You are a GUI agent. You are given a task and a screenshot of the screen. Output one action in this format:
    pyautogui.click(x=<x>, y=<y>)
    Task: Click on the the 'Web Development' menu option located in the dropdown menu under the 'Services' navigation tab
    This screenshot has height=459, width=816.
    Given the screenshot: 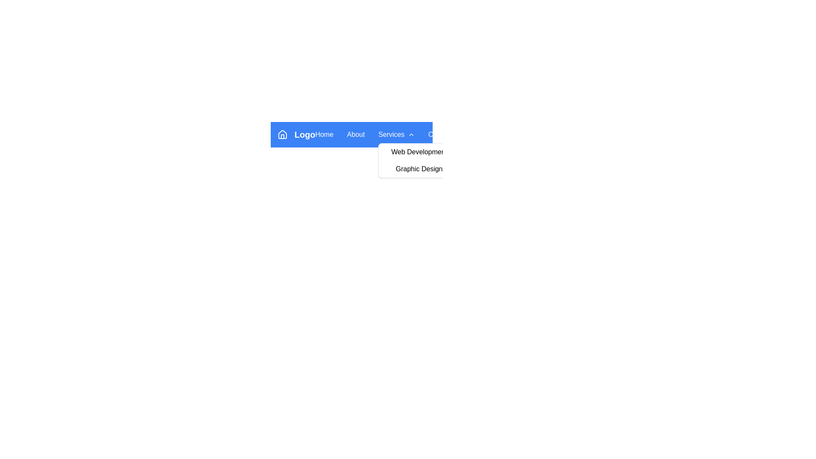 What is the action you would take?
    pyautogui.click(x=419, y=152)
    